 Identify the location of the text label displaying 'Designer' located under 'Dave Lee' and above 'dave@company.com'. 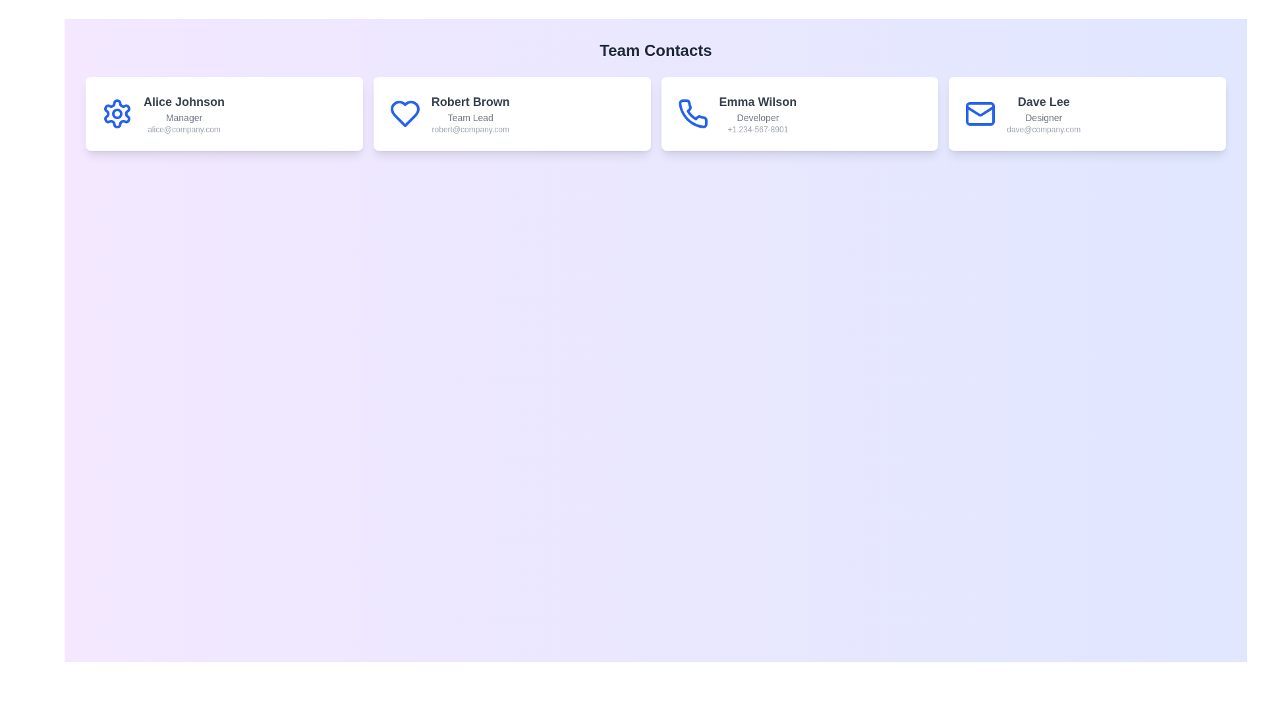
(1043, 117).